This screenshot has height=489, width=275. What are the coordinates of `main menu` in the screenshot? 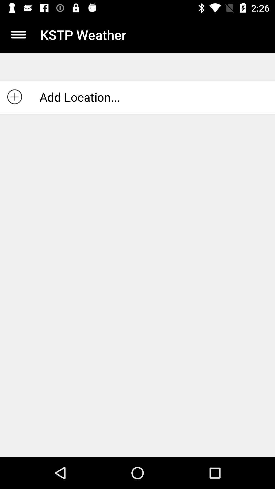 It's located at (18, 34).